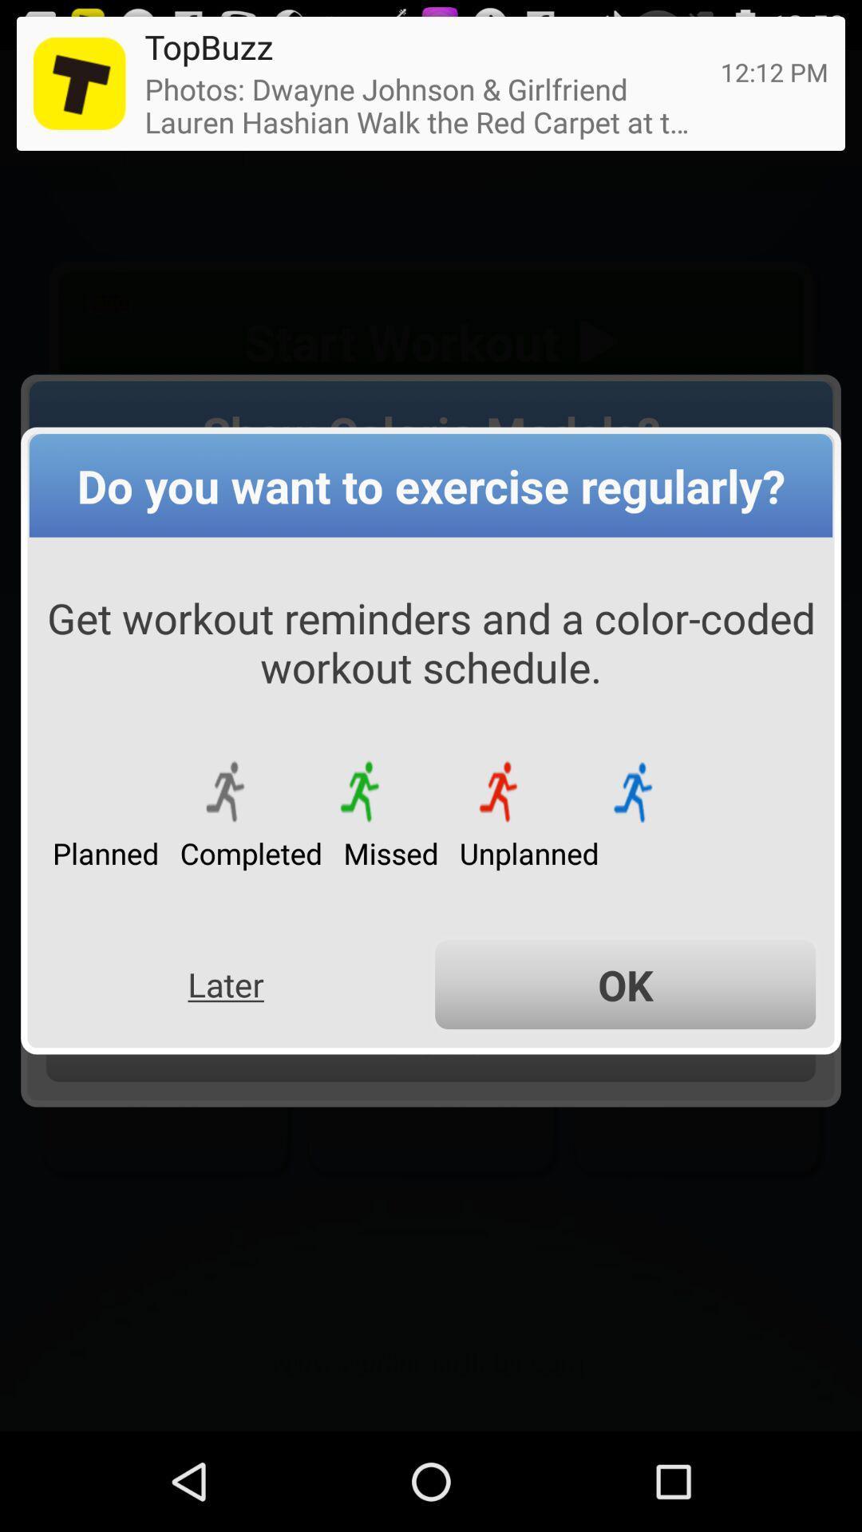 This screenshot has height=1532, width=862. Describe the element at coordinates (226, 984) in the screenshot. I see `button next to the ok button` at that location.